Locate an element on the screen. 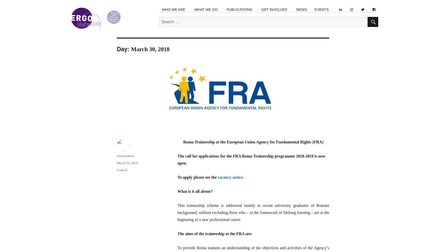 This screenshot has width=446, height=252. 'Covid-19' is located at coordinates (233, 97).